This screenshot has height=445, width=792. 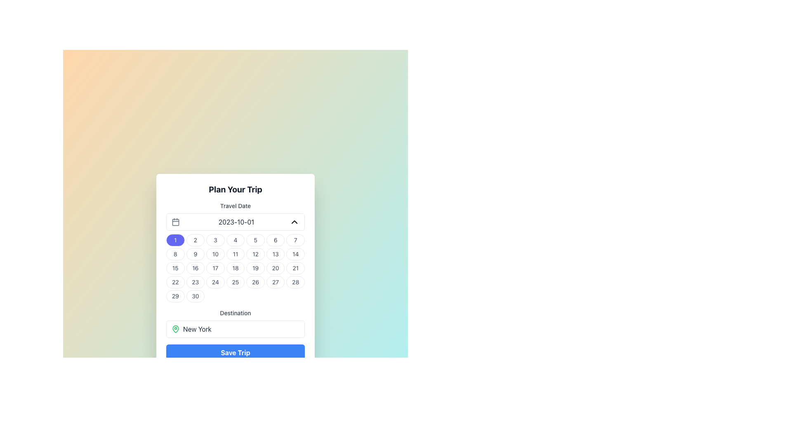 I want to click on the chevron icon indicating expandable or collapsible content, located next to the date text '2023-10-01' within the calendar input box, so click(x=295, y=222).